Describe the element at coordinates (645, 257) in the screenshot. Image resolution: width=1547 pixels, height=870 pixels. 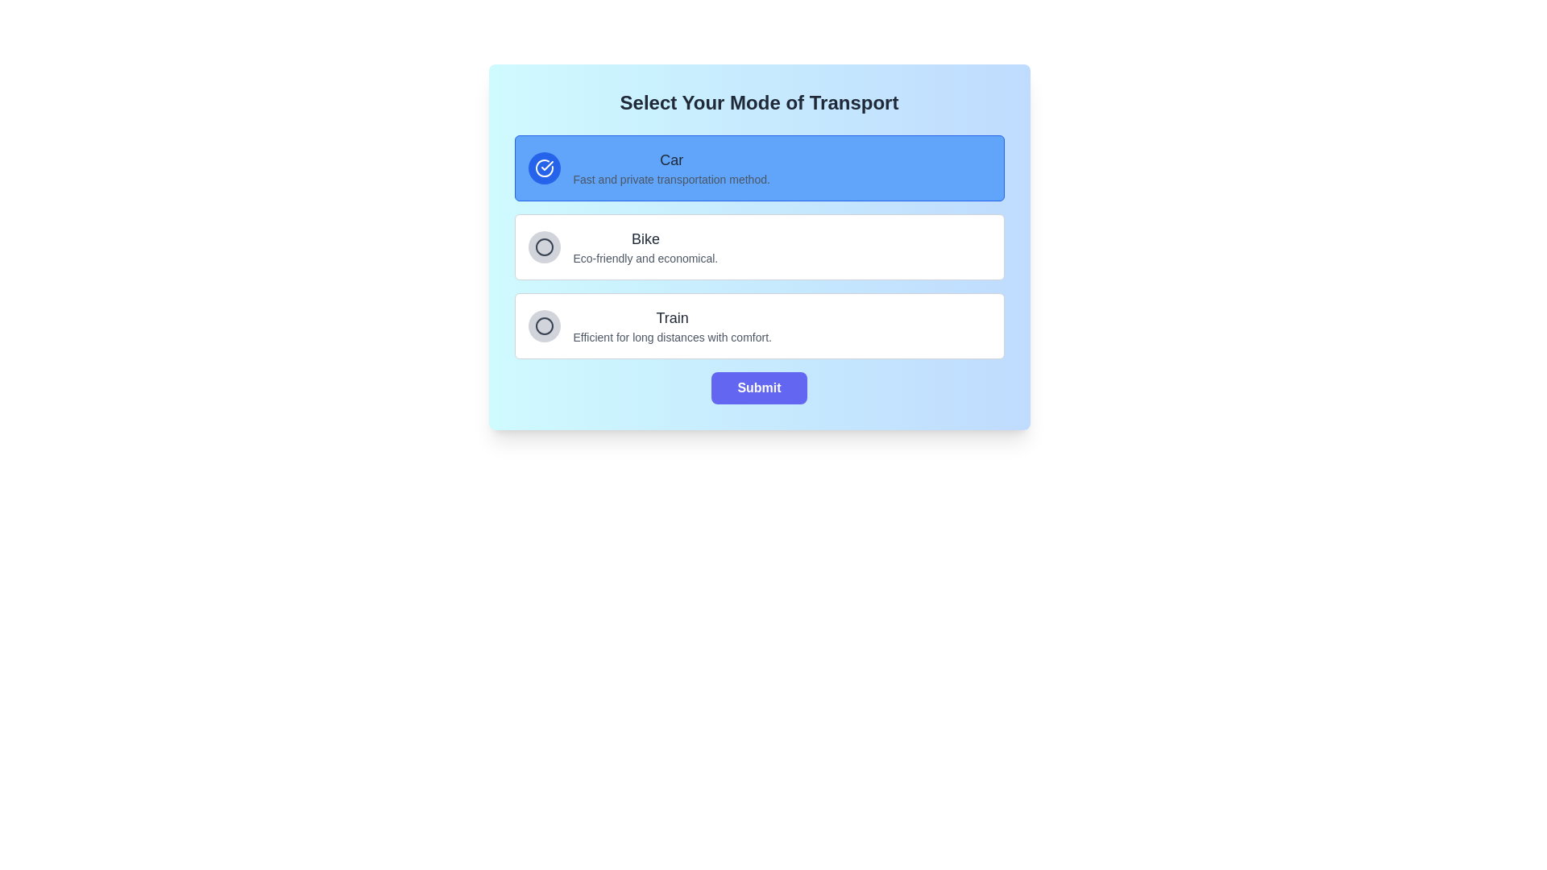
I see `the static text element that provides information about the 'Bike' option in the selection menu, located directly under the text 'Bike.'` at that location.